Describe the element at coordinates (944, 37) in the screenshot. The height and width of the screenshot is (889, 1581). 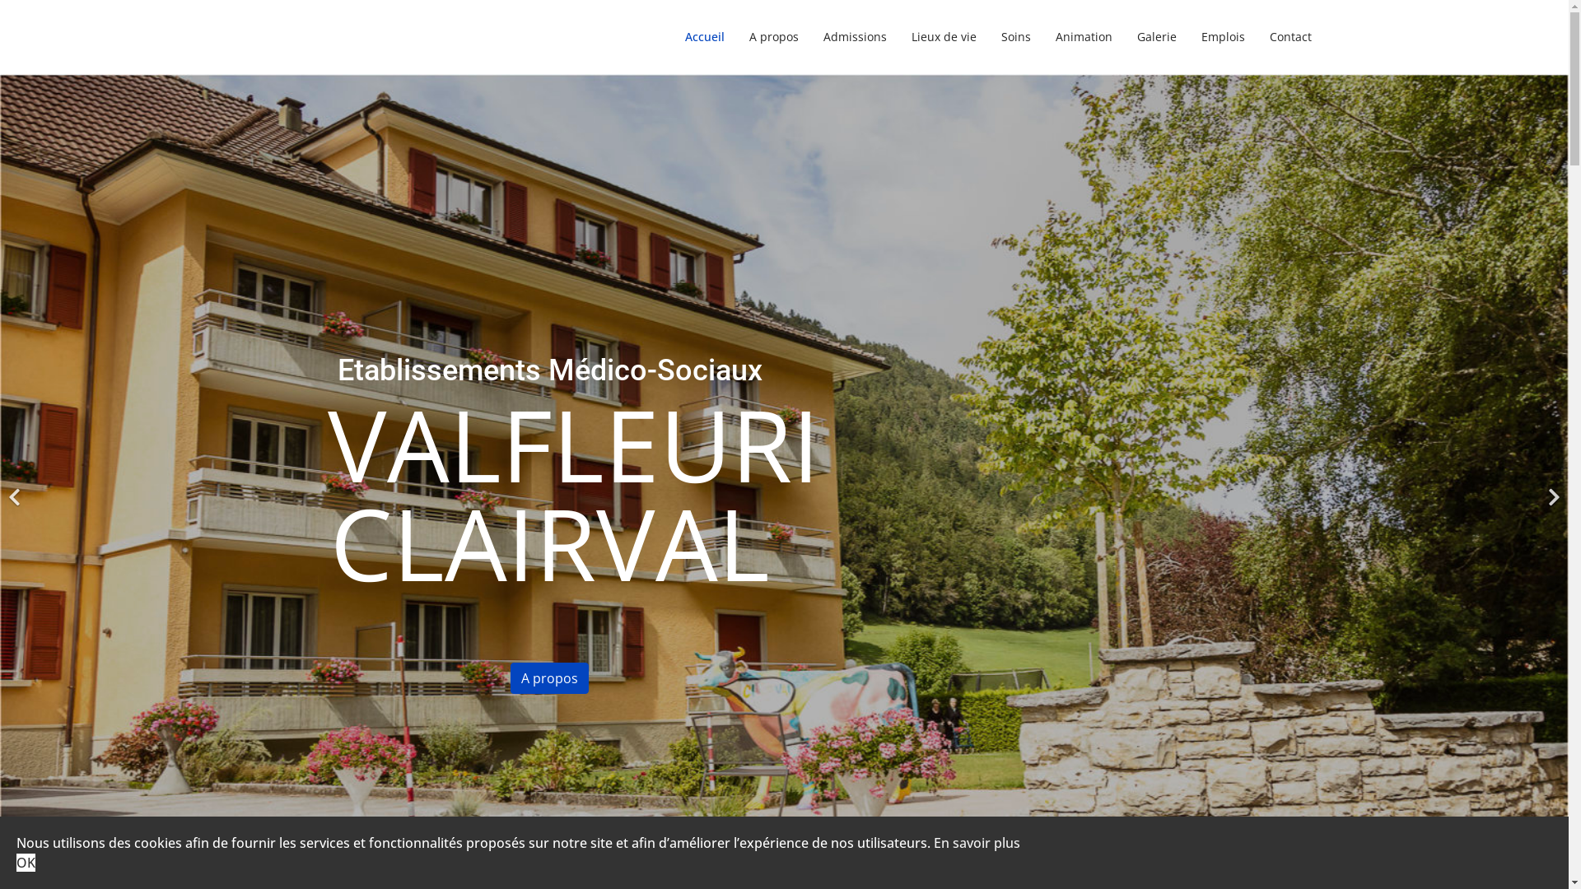
I see `'Lieux de vie'` at that location.